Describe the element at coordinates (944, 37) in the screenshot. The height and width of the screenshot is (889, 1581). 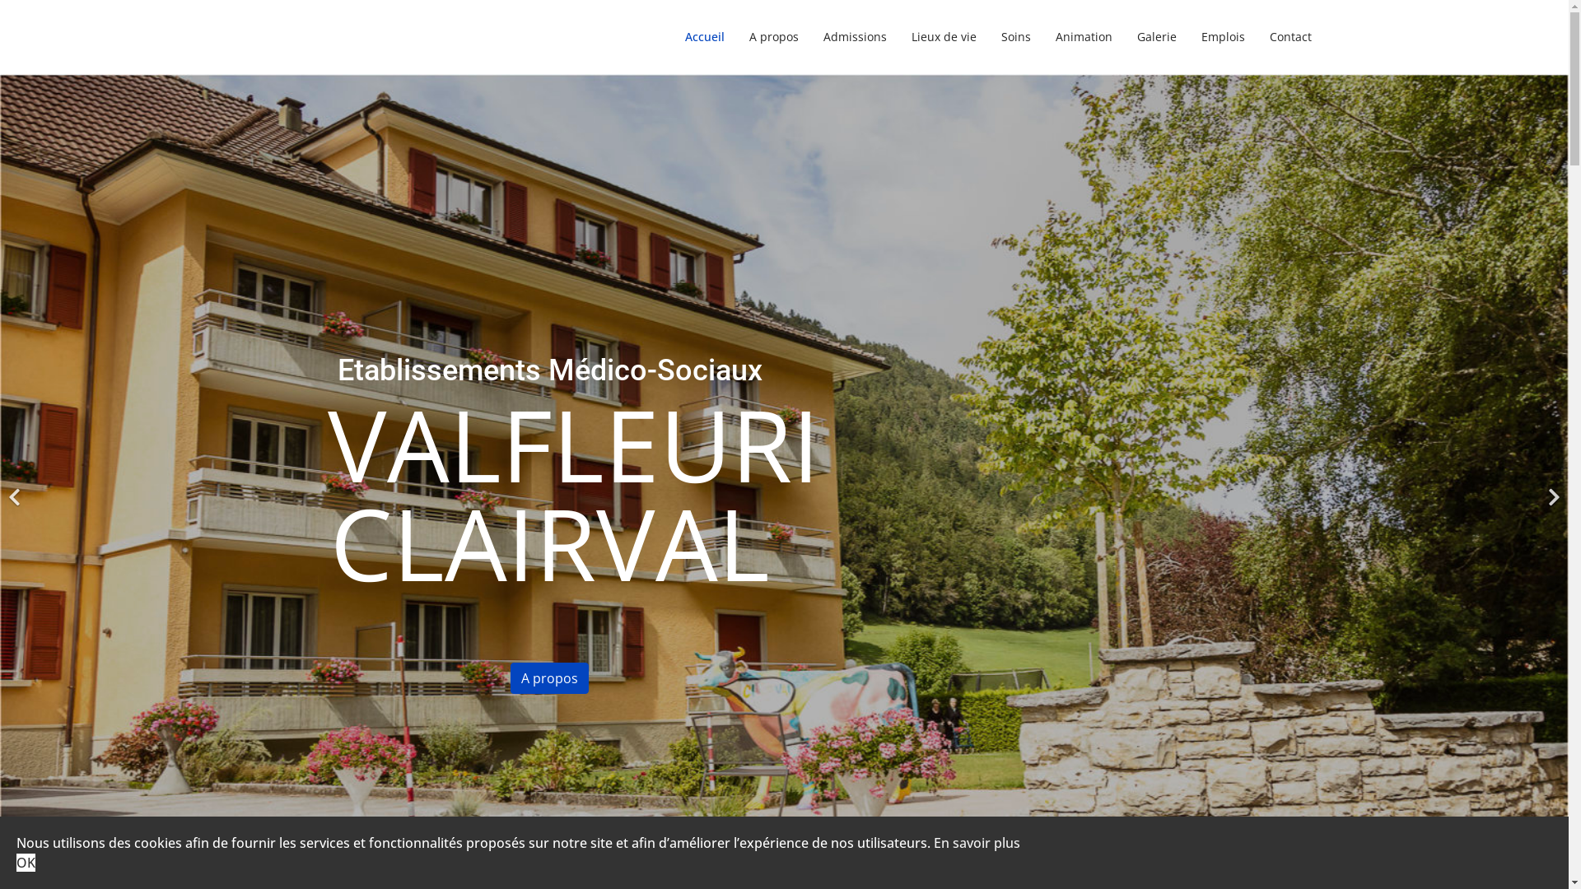
I see `'Lieux de vie'` at that location.